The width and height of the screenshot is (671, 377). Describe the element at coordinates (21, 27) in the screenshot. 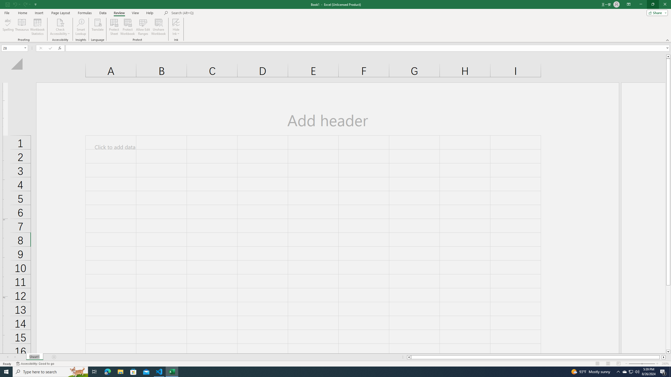

I see `'Thesaurus...'` at that location.